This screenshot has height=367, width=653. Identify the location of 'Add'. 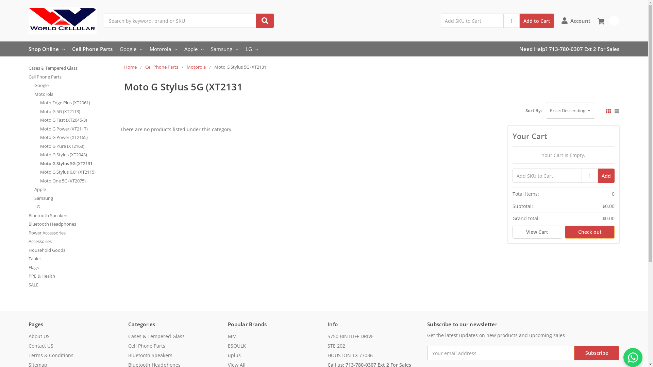
(606, 175).